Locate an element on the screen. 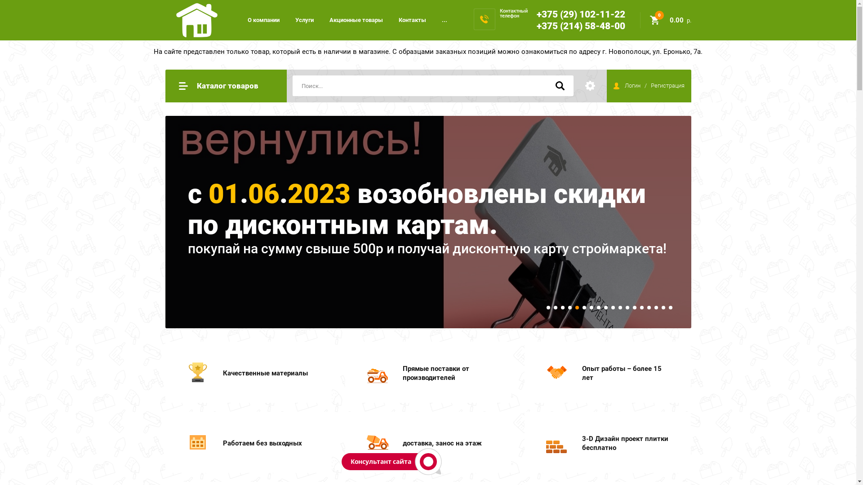  '9' is located at coordinates (606, 307).